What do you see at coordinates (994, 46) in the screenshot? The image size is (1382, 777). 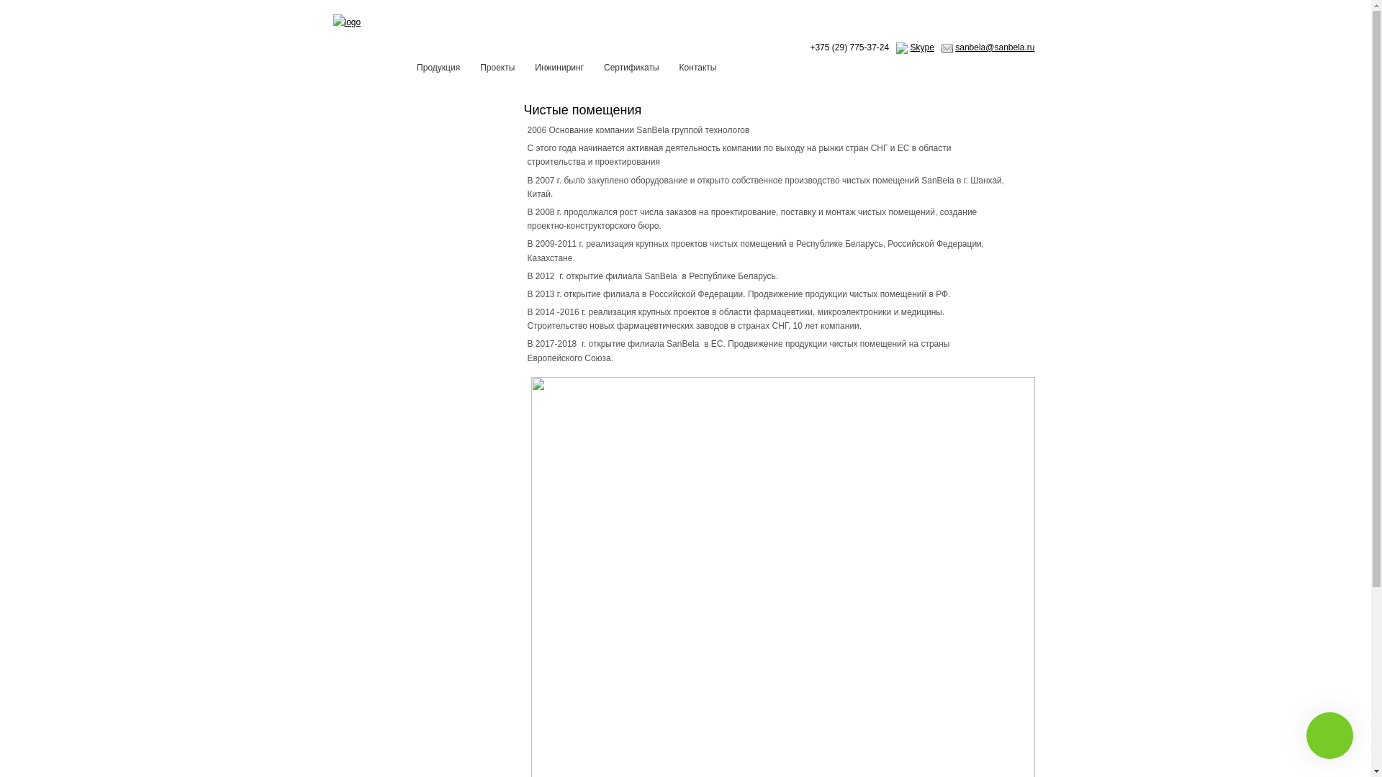 I see `'sanbela@sanbela.ru'` at bounding box center [994, 46].